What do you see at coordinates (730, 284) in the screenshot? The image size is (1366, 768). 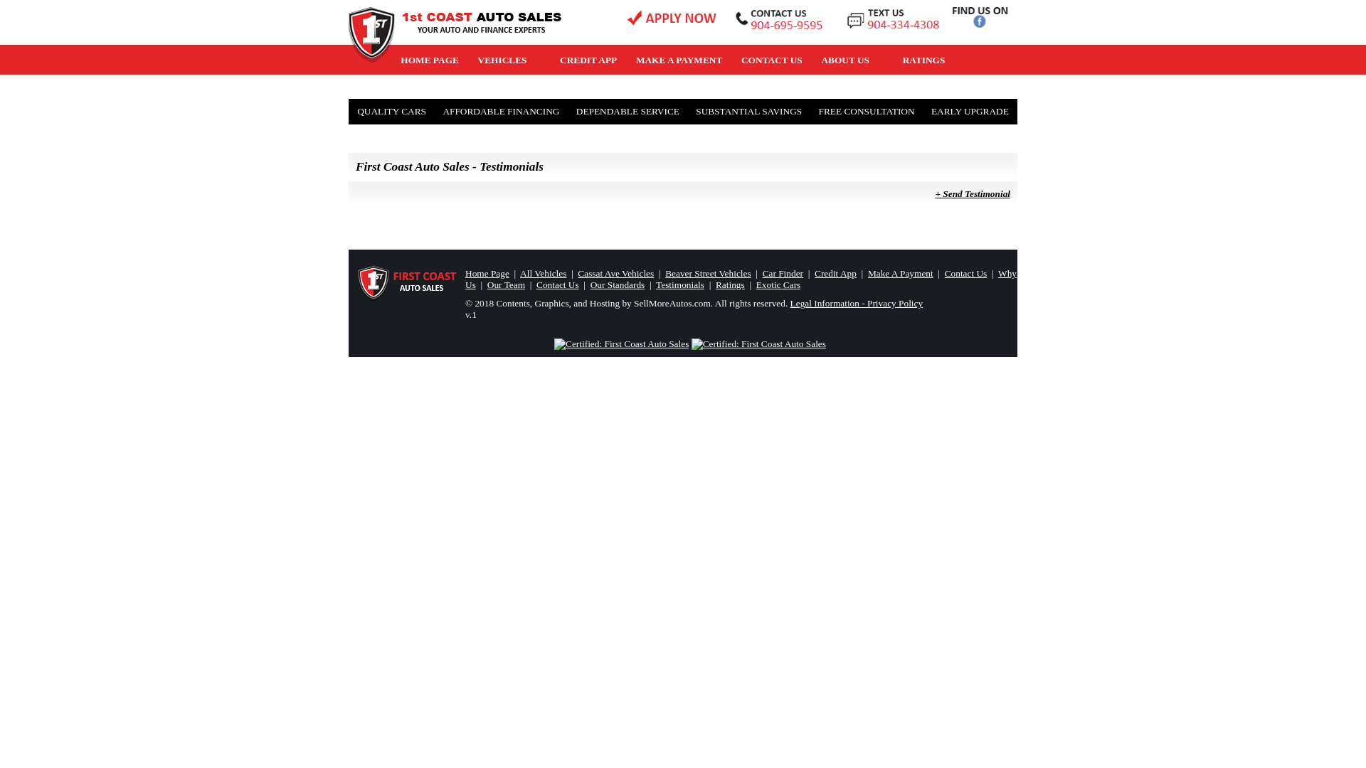 I see `'Ratings'` at bounding box center [730, 284].